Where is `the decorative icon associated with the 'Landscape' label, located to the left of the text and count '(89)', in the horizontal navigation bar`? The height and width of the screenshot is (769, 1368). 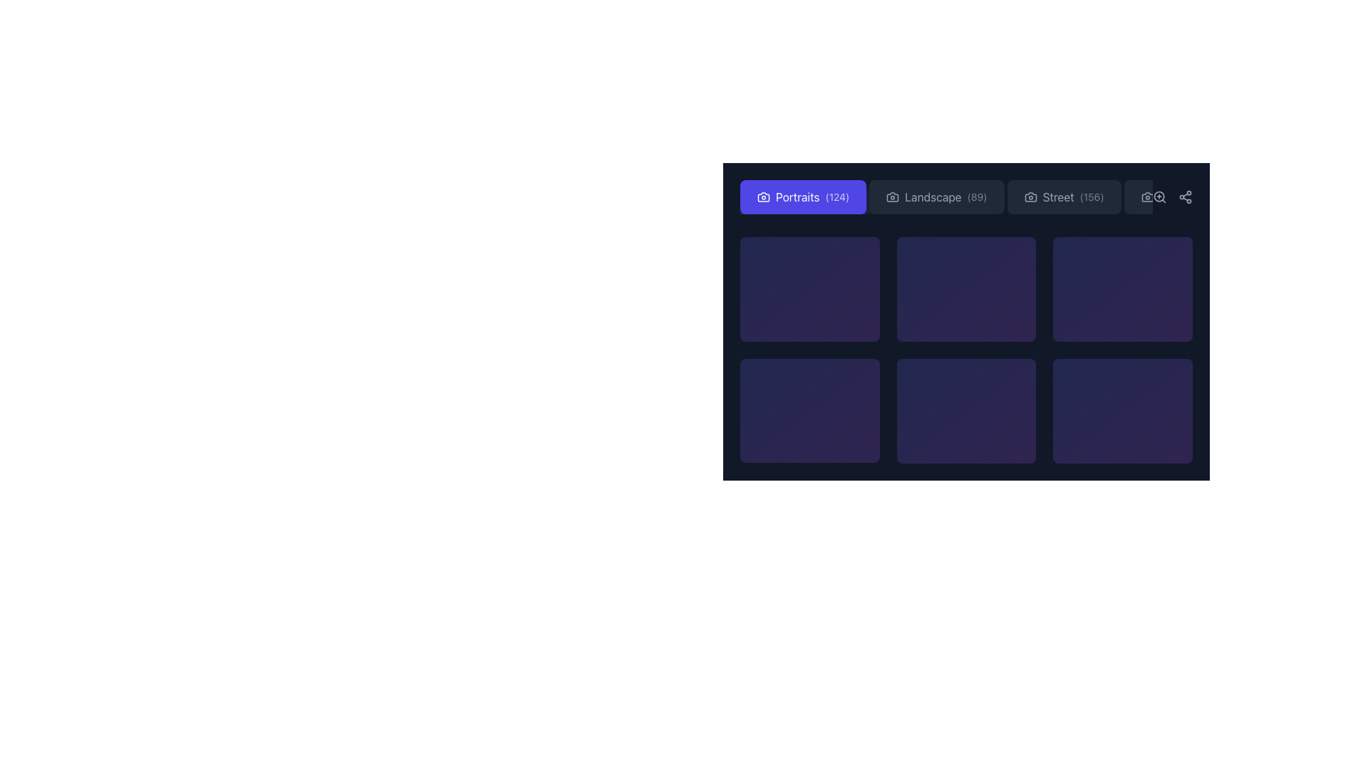
the decorative icon associated with the 'Landscape' label, located to the left of the text and count '(89)', in the horizontal navigation bar is located at coordinates (892, 197).